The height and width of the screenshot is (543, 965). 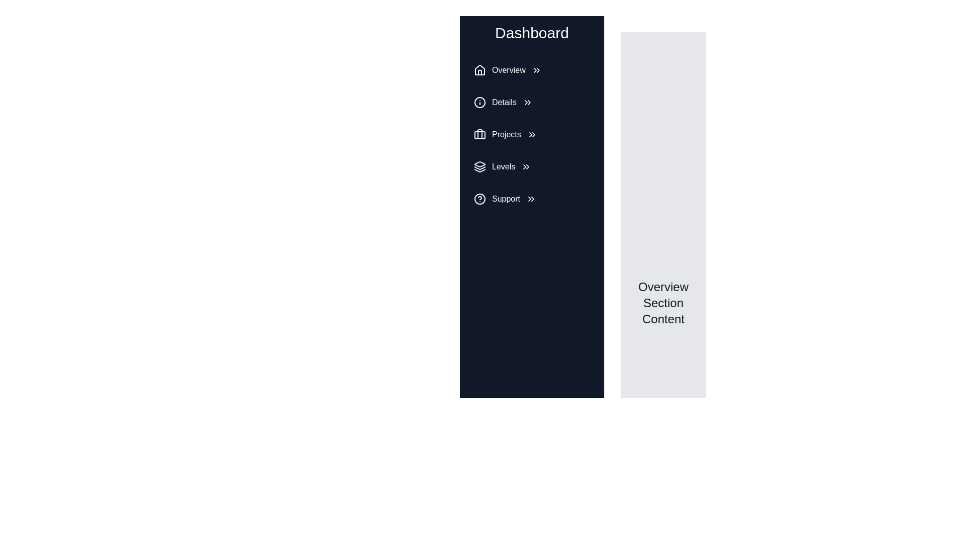 I want to click on the Navigation Button located at the bottom of the sidebar menu, which is the fifth item after 'Overview', 'Details', 'Projects', and 'Levels', so click(x=531, y=199).